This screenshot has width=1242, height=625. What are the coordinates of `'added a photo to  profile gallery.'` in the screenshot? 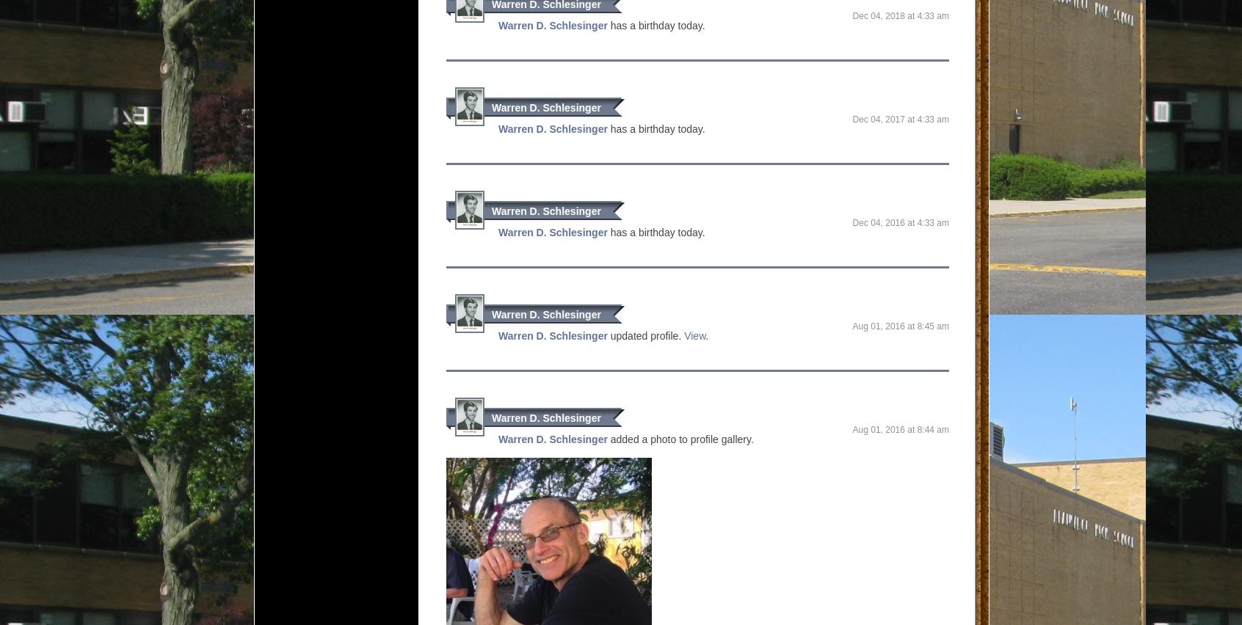 It's located at (680, 439).